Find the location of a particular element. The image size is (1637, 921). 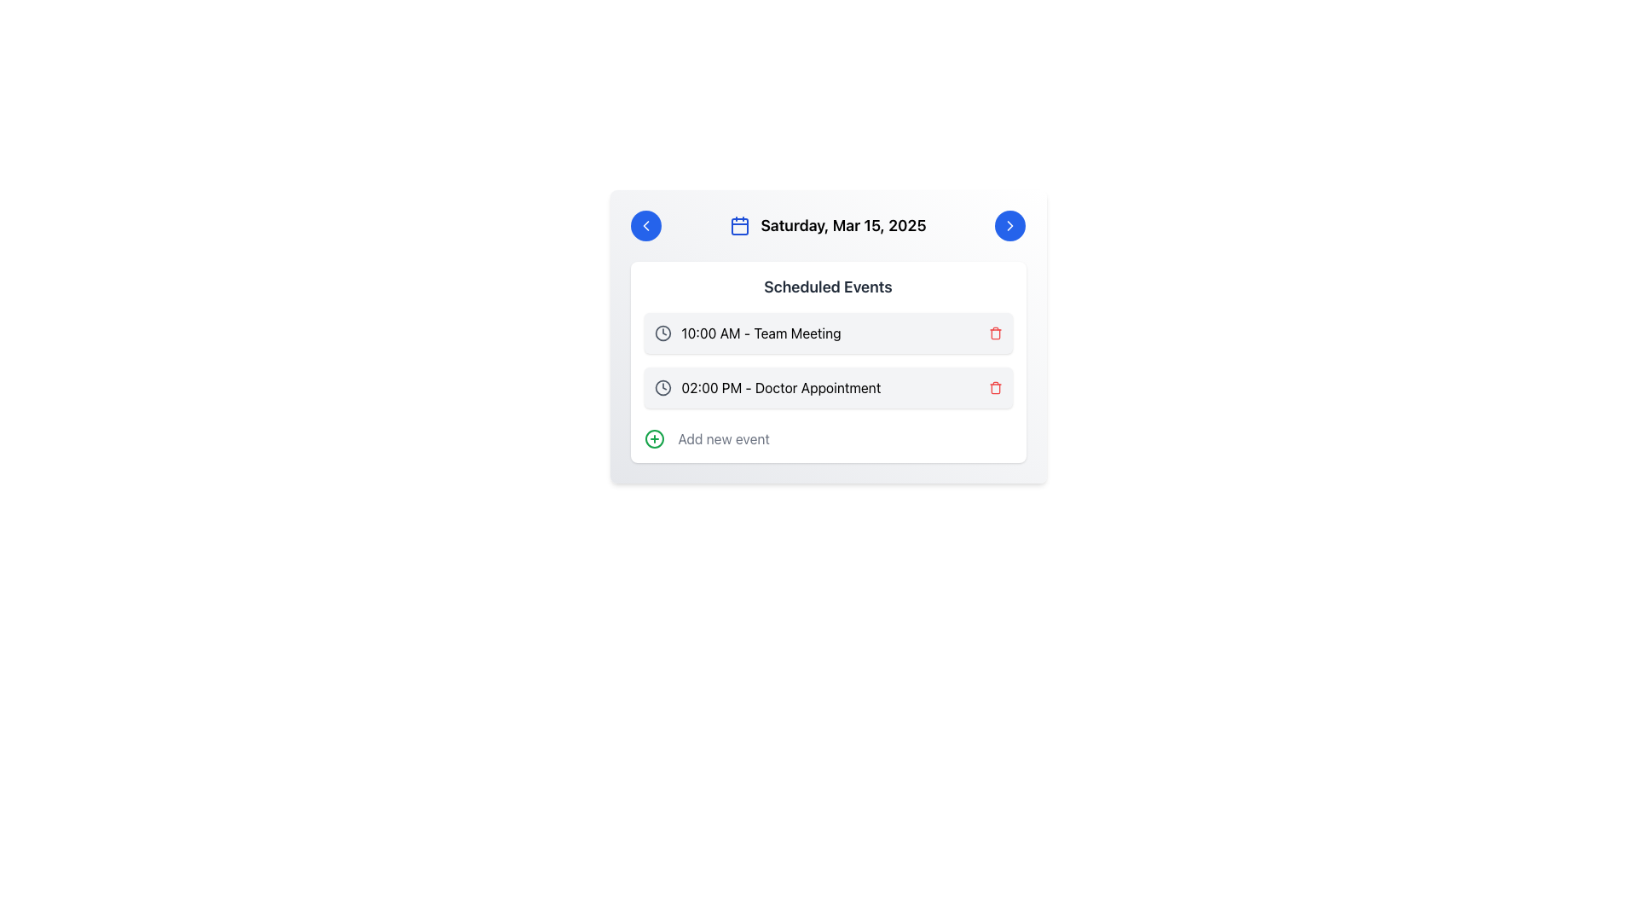

the right-facing chevron icon styled as a vector graphic, which is embedded in a blue circular button in the header of the card component is located at coordinates (1010, 225).